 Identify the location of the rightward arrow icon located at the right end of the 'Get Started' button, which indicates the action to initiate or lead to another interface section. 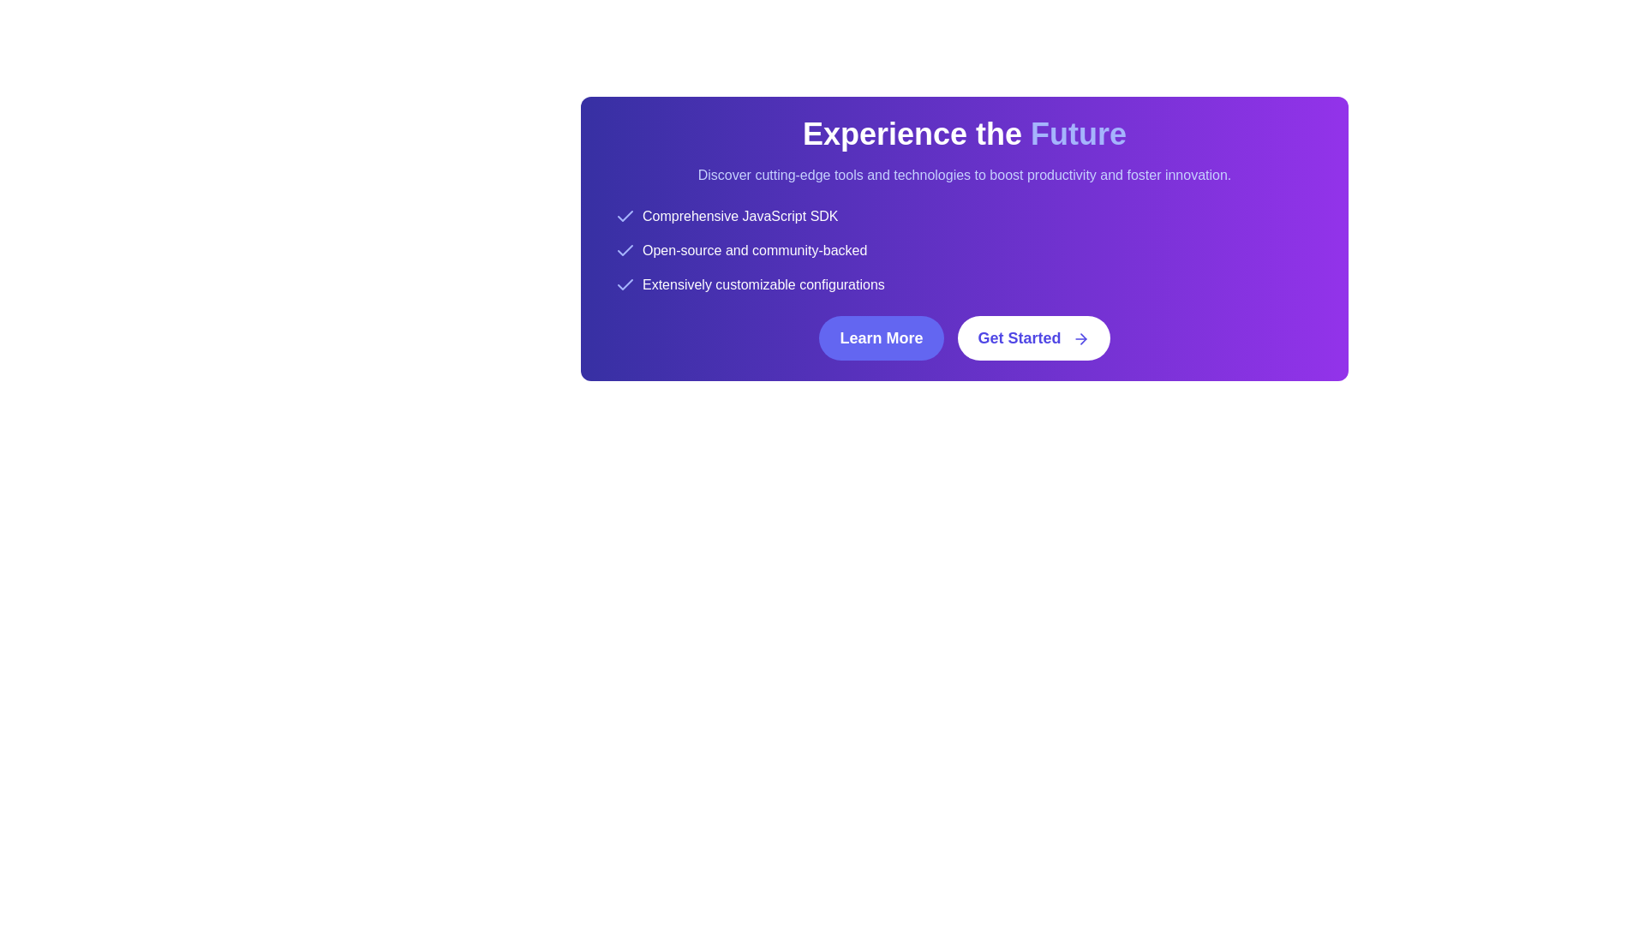
(1080, 339).